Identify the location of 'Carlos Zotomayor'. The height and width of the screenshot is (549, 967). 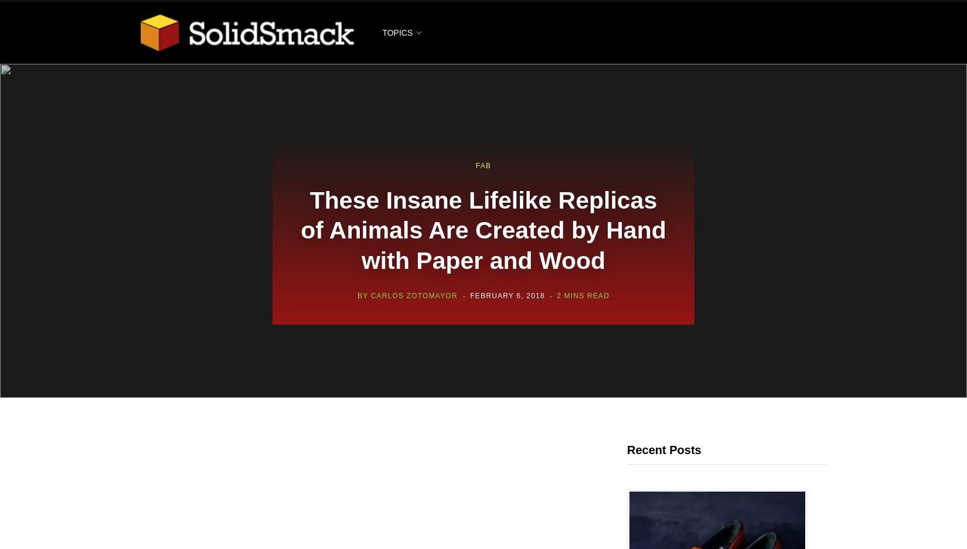
(413, 295).